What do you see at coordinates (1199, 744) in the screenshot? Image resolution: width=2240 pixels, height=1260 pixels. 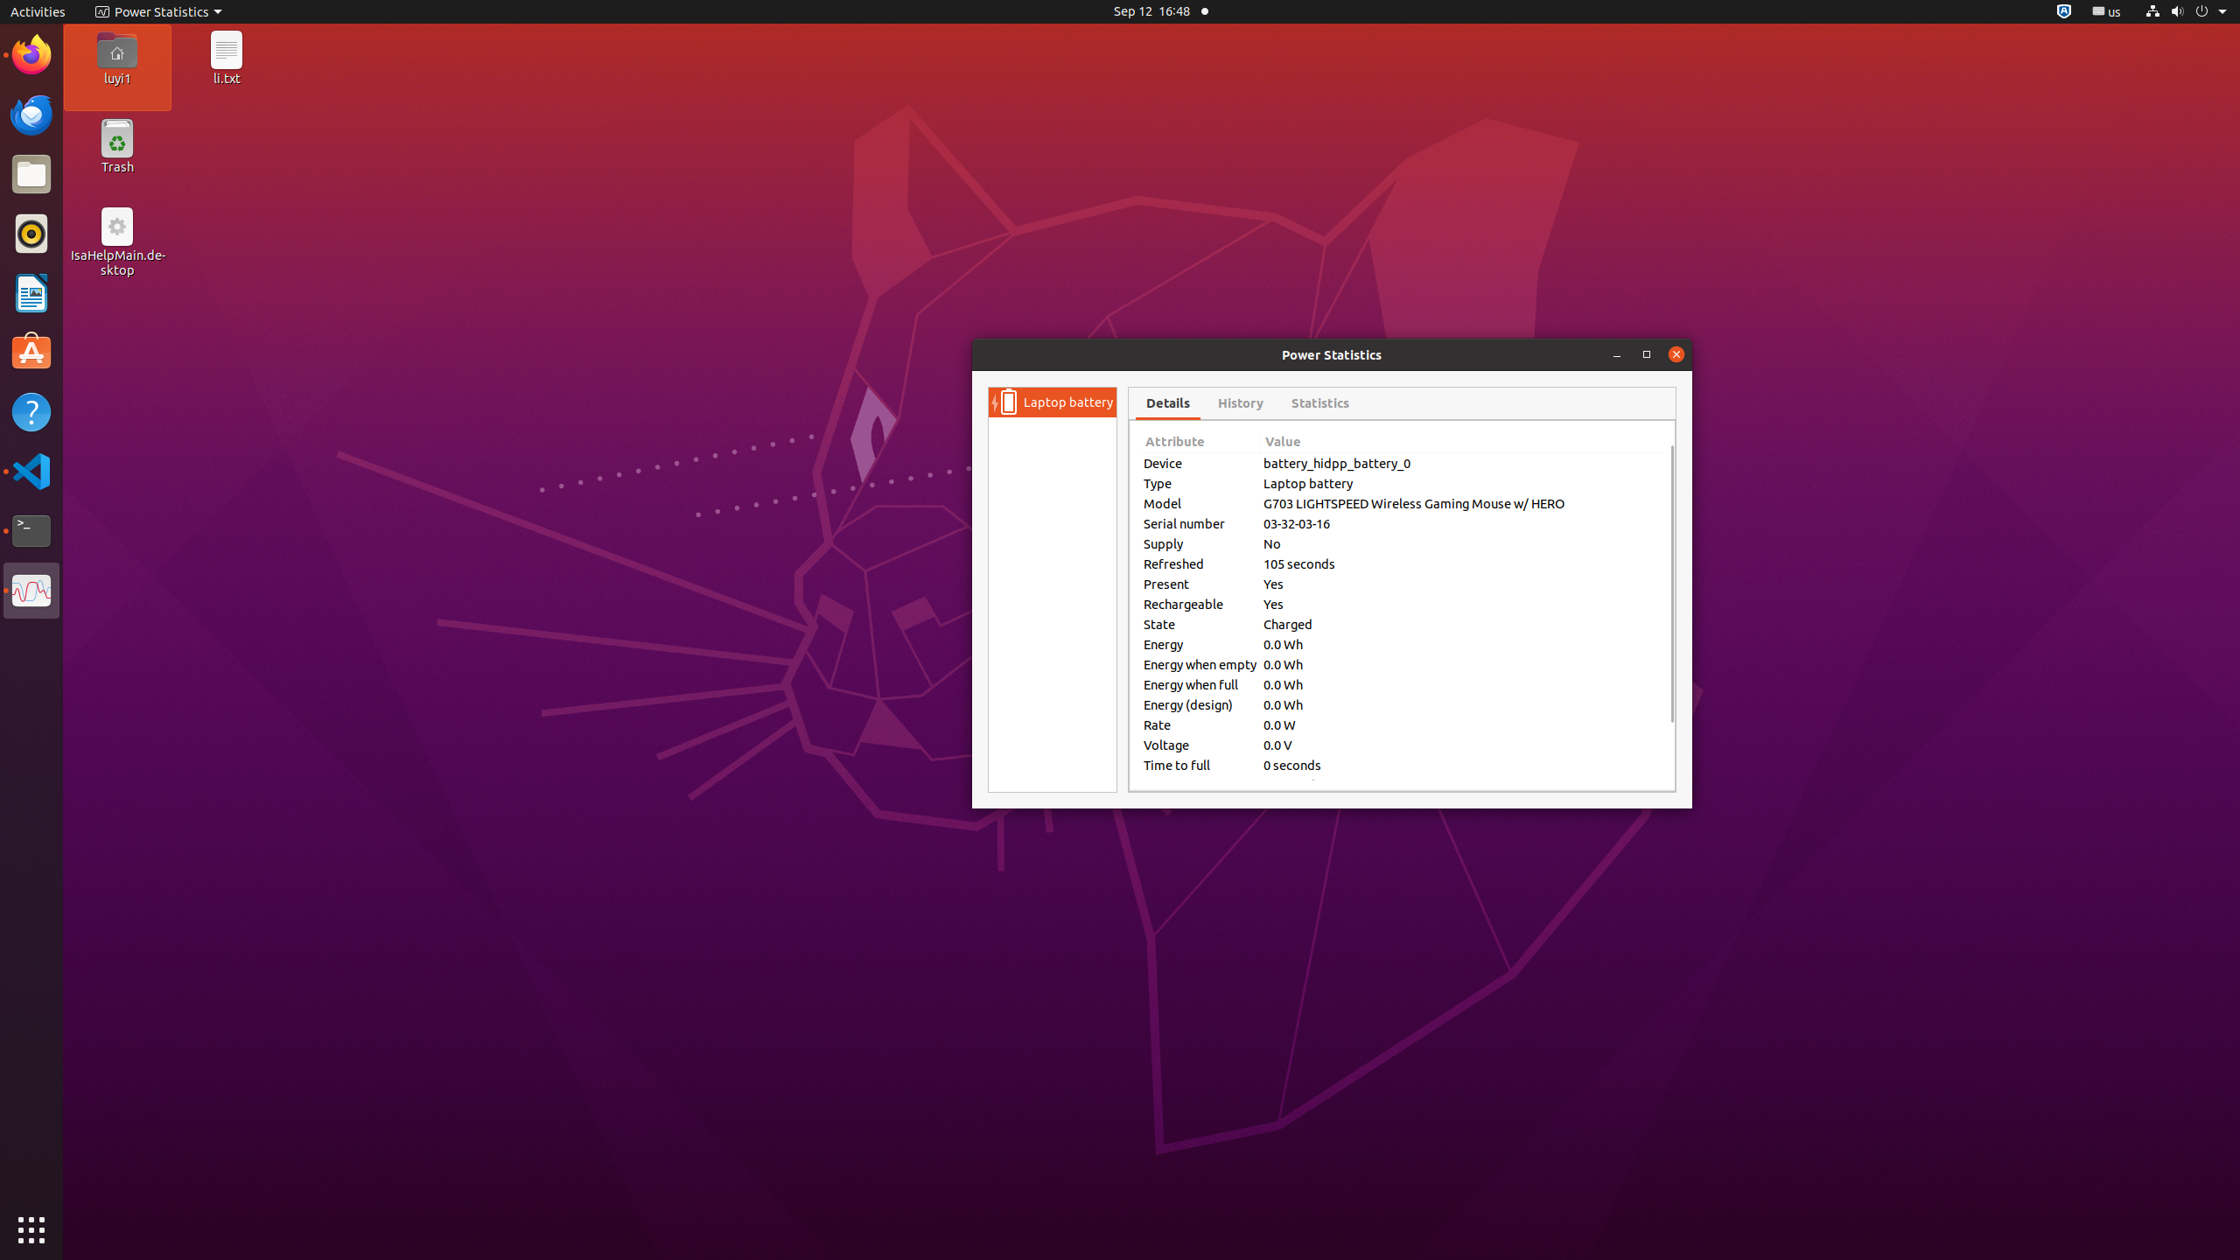 I see `'Voltage'` at bounding box center [1199, 744].